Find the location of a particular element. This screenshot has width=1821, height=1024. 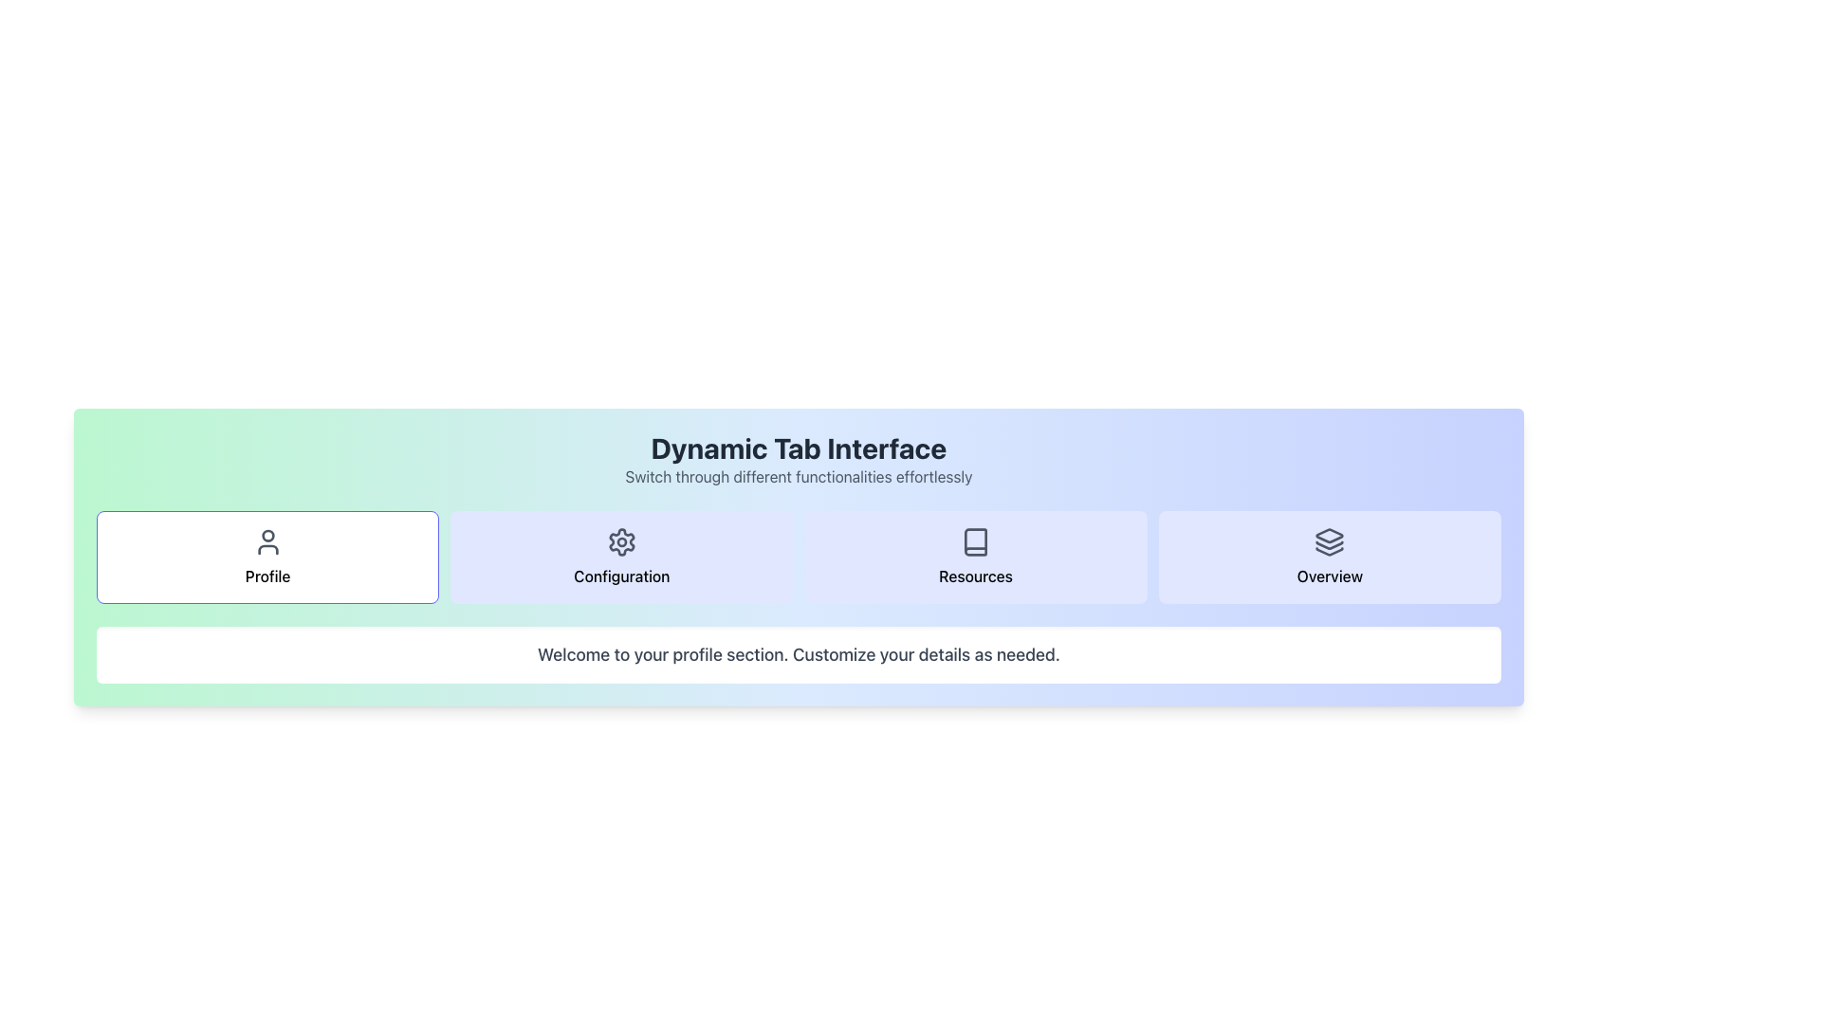

the middle layer of the three-layer icon within the overview section of the tab interface, represented by a vector graphic element in the SVG is located at coordinates (1329, 545).